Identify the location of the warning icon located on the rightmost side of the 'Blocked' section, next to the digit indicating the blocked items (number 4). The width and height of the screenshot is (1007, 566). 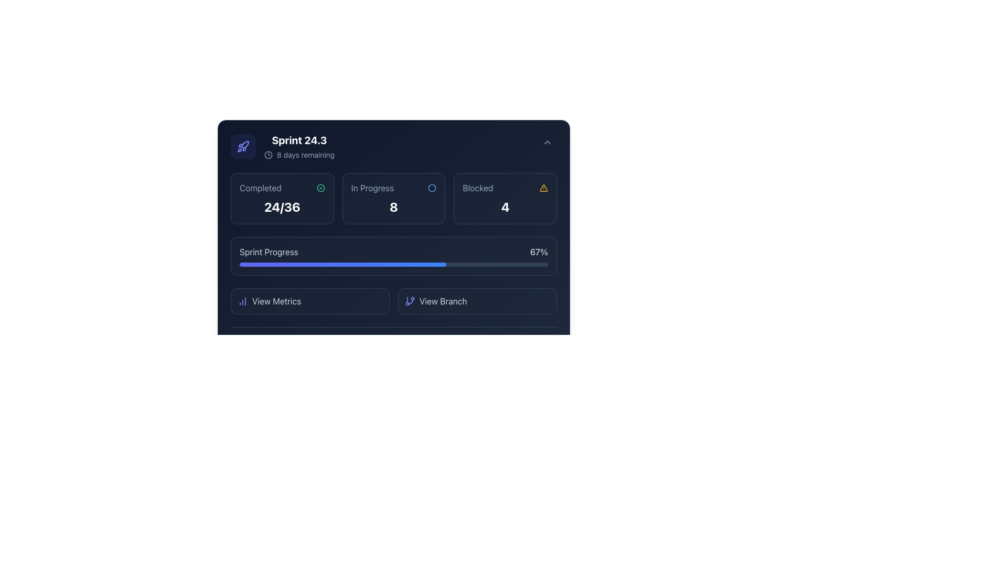
(543, 187).